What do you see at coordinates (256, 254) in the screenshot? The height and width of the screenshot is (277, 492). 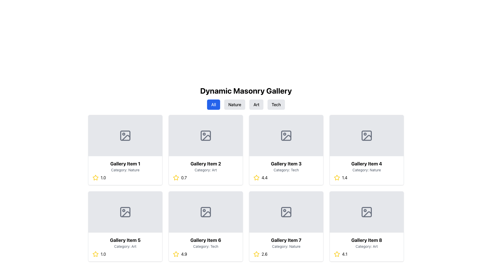 I see `the rating icon located in the bottom-left corner of the card labeled 'Gallery Item 7', adjacent to the text '2.6'` at bounding box center [256, 254].